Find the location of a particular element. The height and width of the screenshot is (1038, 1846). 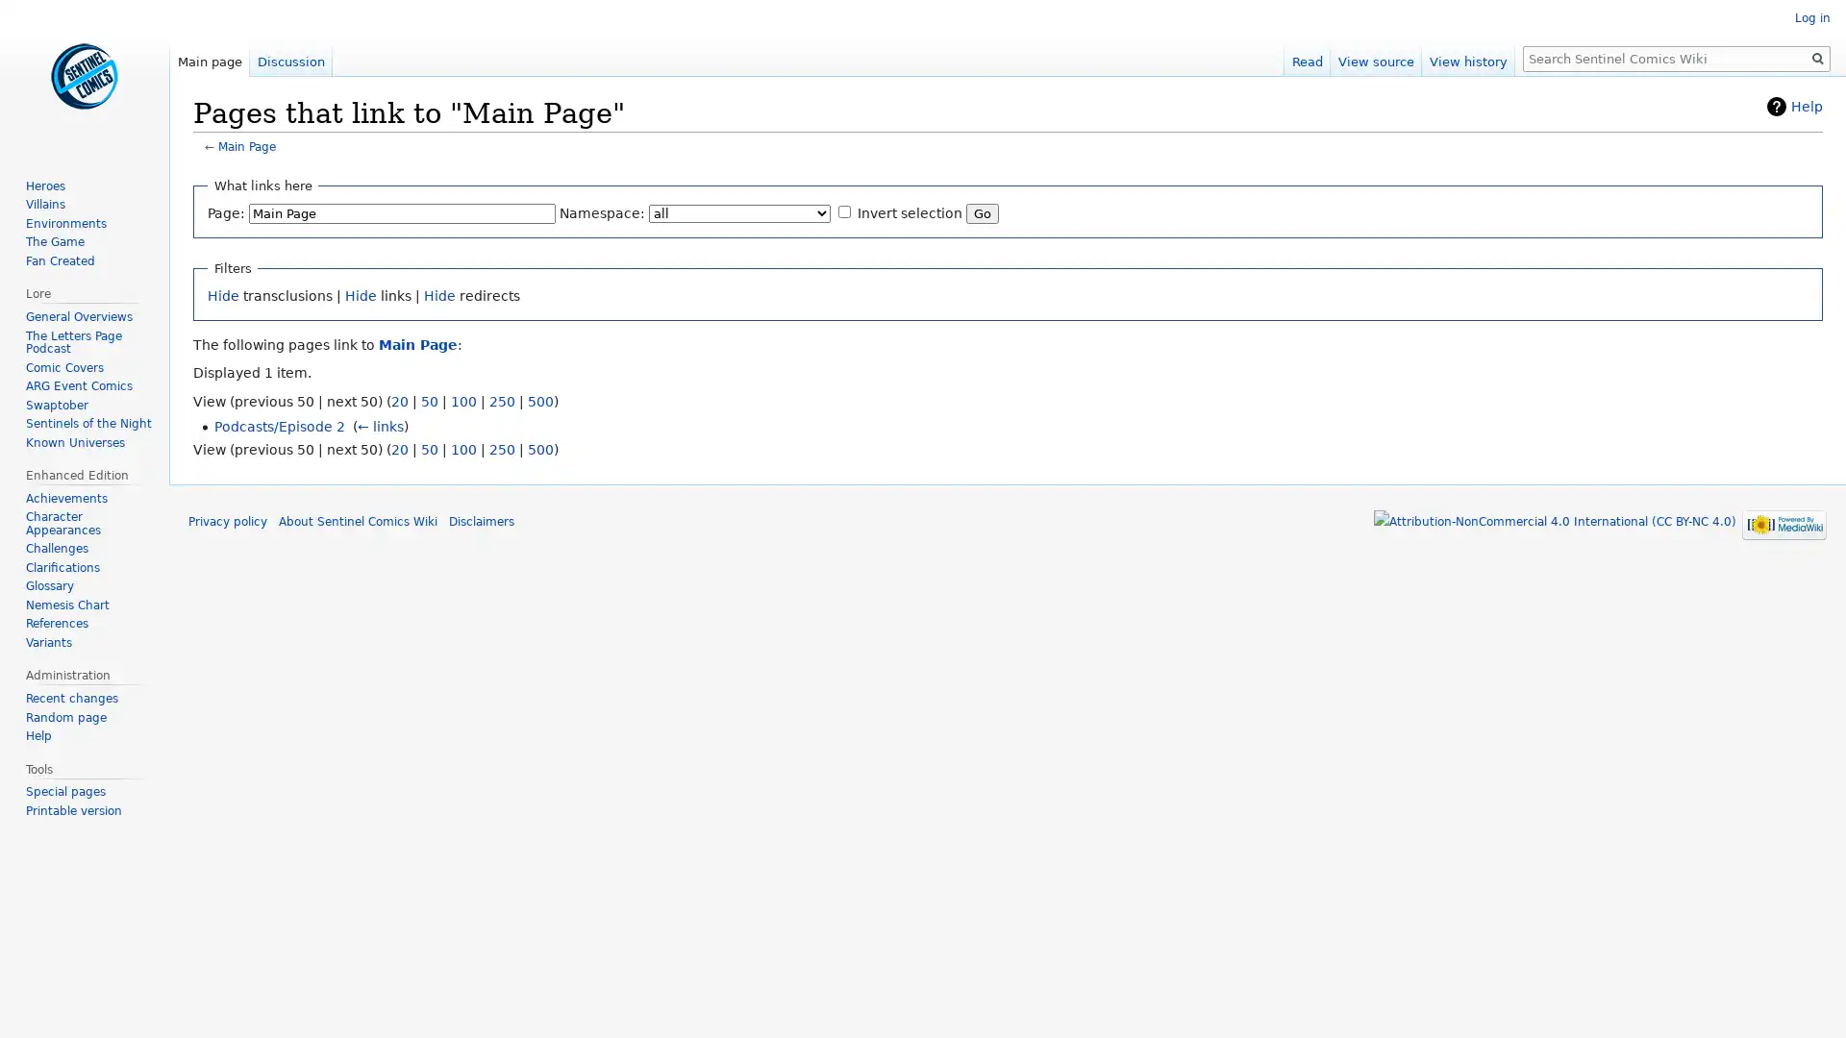

Go is located at coordinates (1817, 58).